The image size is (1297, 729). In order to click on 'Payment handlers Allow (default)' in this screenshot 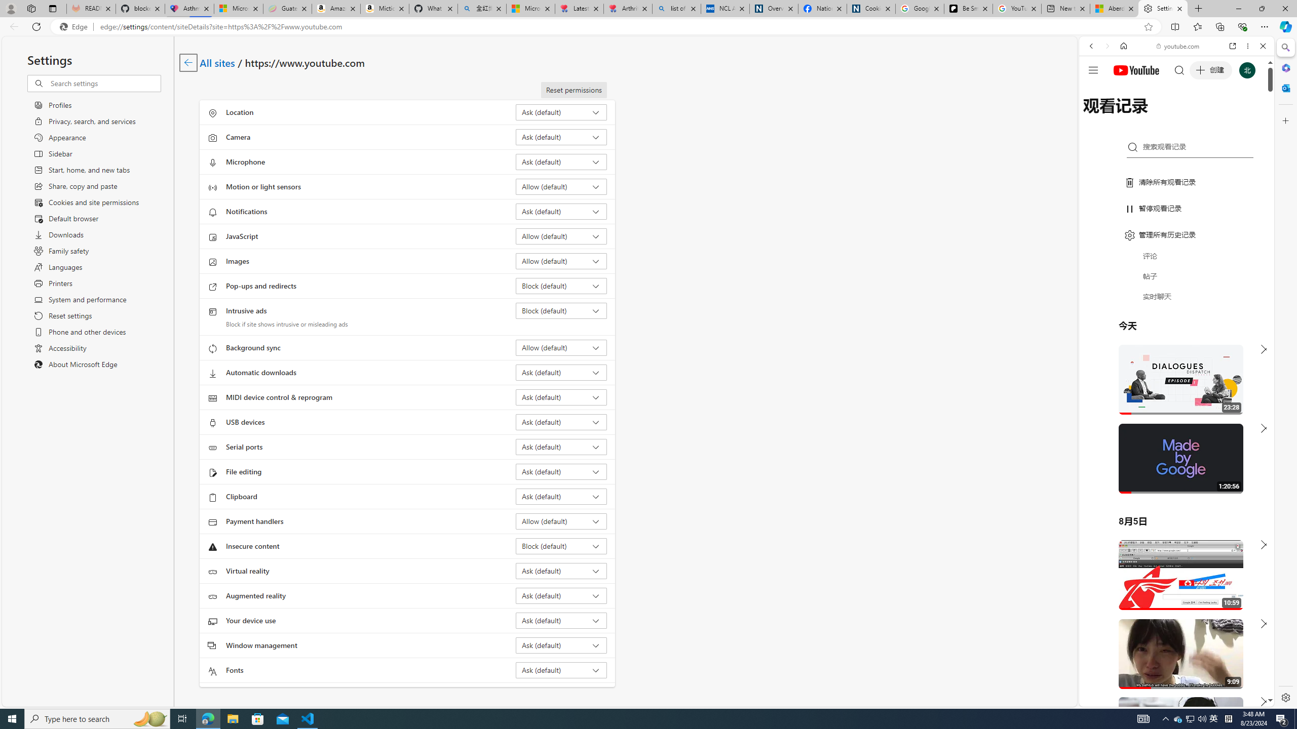, I will do `click(561, 521)`.